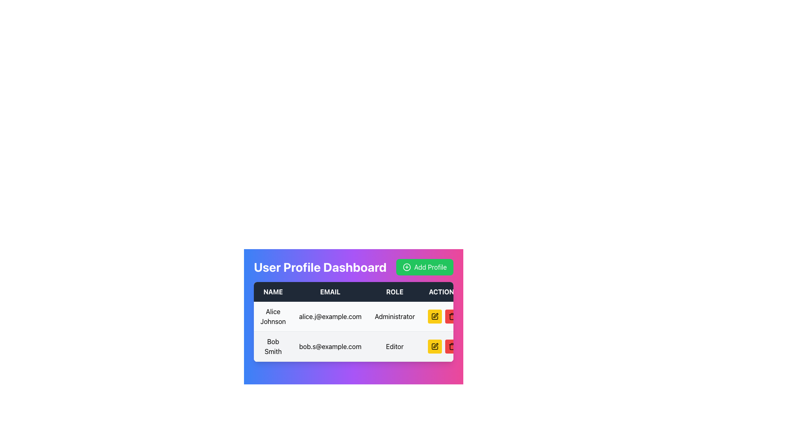  I want to click on the delete icon located in the 'Action' column of the last row in the user profile management system, so click(452, 347).